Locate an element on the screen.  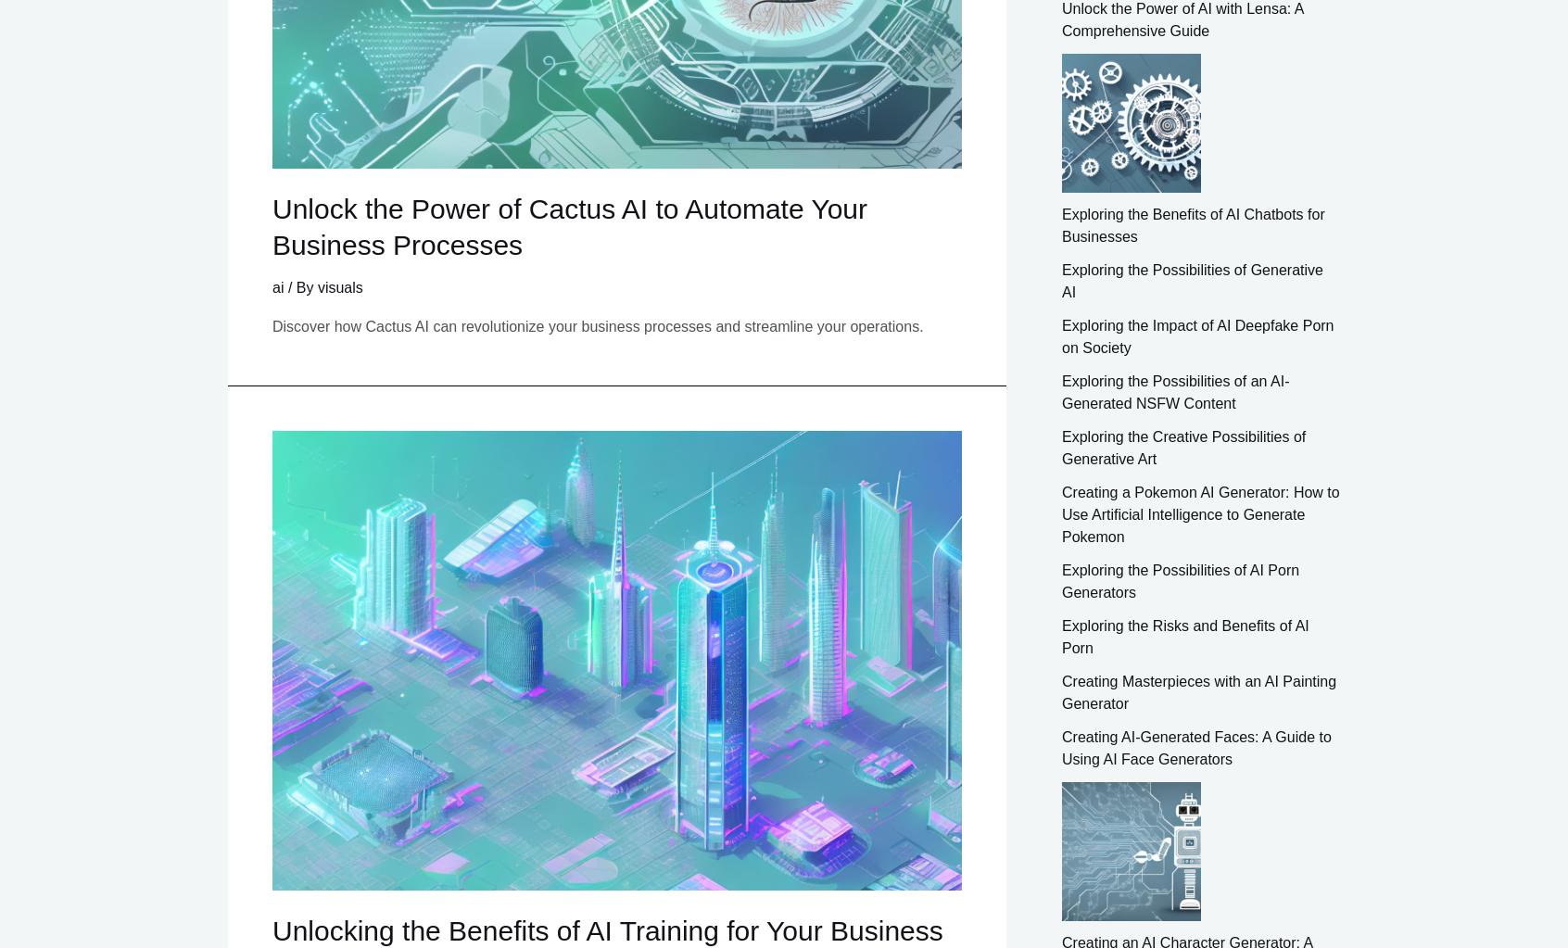
'Creating AI-Generated Faces: A Guide to Using AI Face Generators' is located at coordinates (1195, 747).